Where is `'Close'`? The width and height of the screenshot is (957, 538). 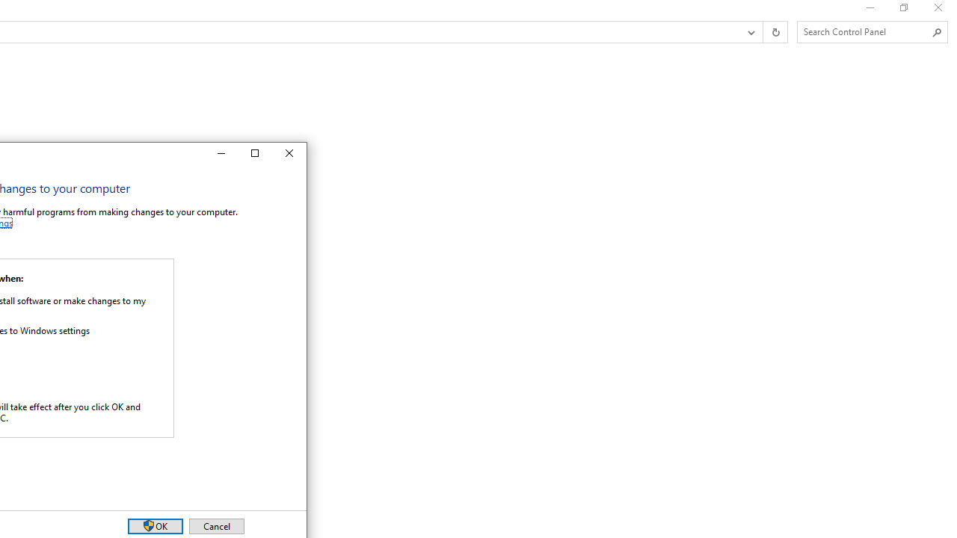
'Close' is located at coordinates (289, 153).